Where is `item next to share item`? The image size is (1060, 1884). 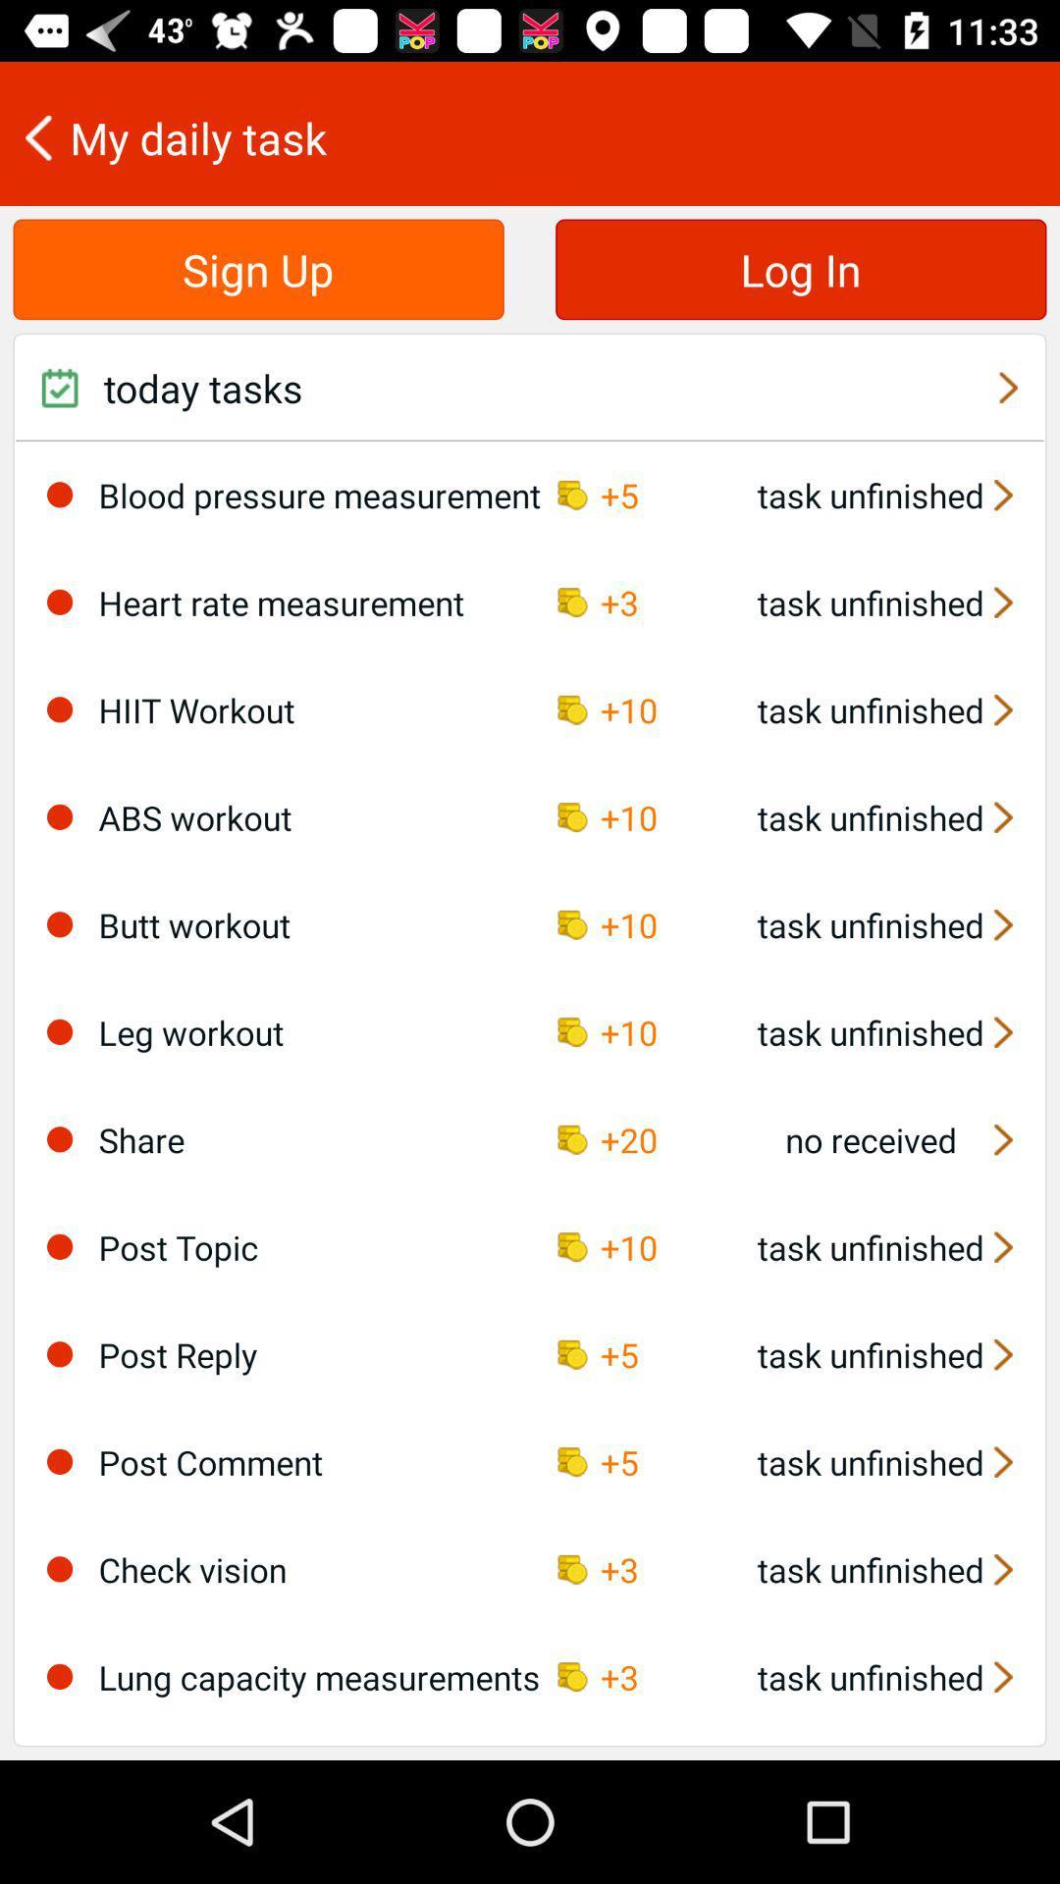 item next to share item is located at coordinates (59, 1139).